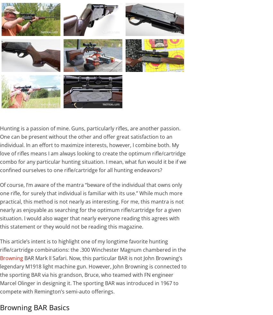 The width and height of the screenshot is (273, 315). I want to click on 'Browning', so click(11, 258).